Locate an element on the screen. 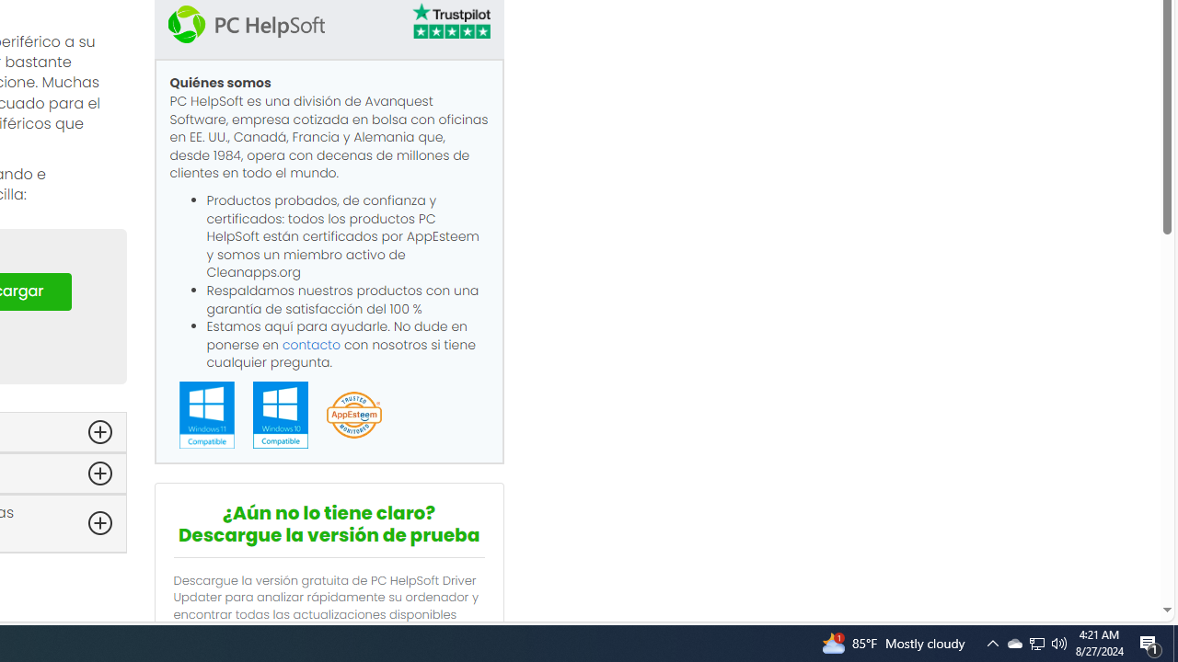 This screenshot has height=662, width=1178. 'Windows 10 Compatible' is located at coordinates (279, 415).